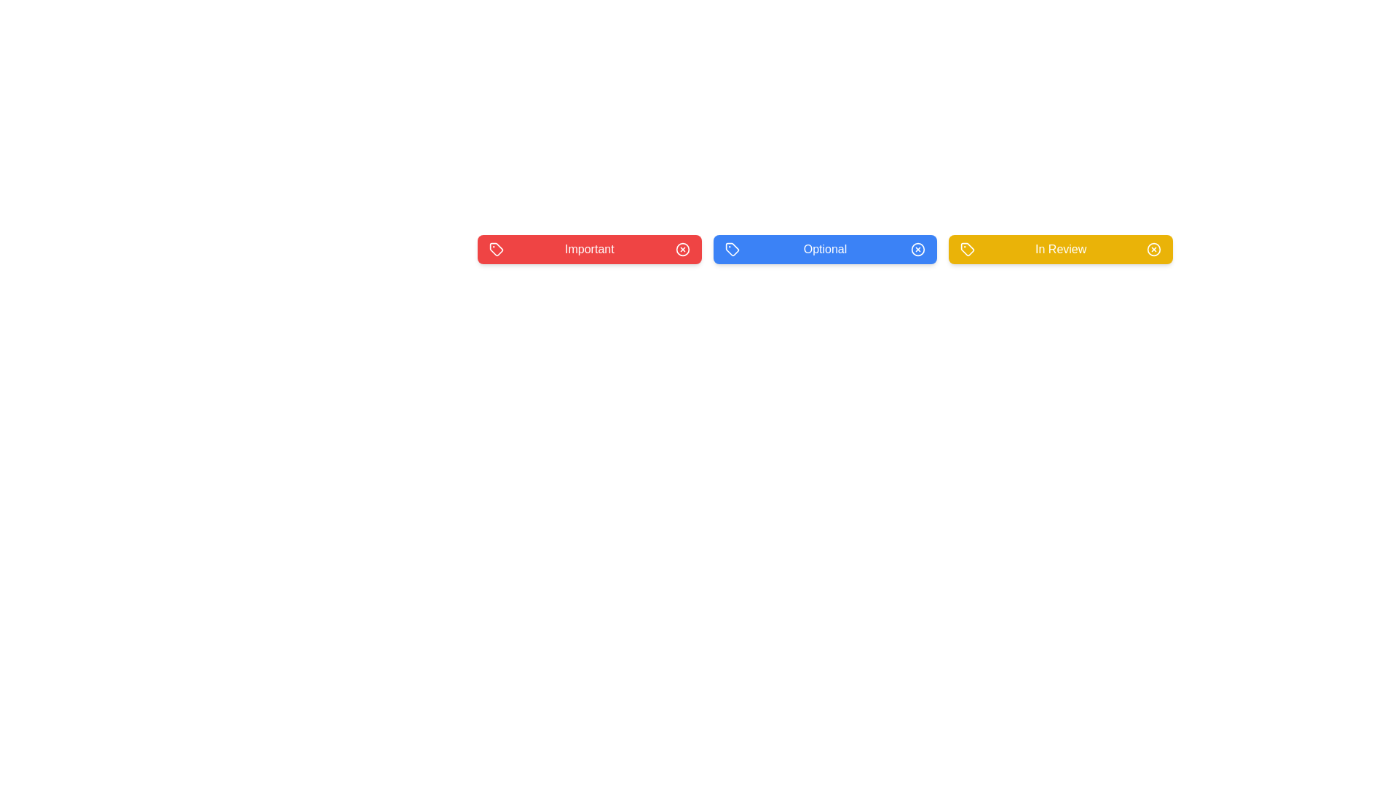 Image resolution: width=1398 pixels, height=786 pixels. What do you see at coordinates (1061, 249) in the screenshot?
I see `the tag labeled 'In Review' to observe its hover effect` at bounding box center [1061, 249].